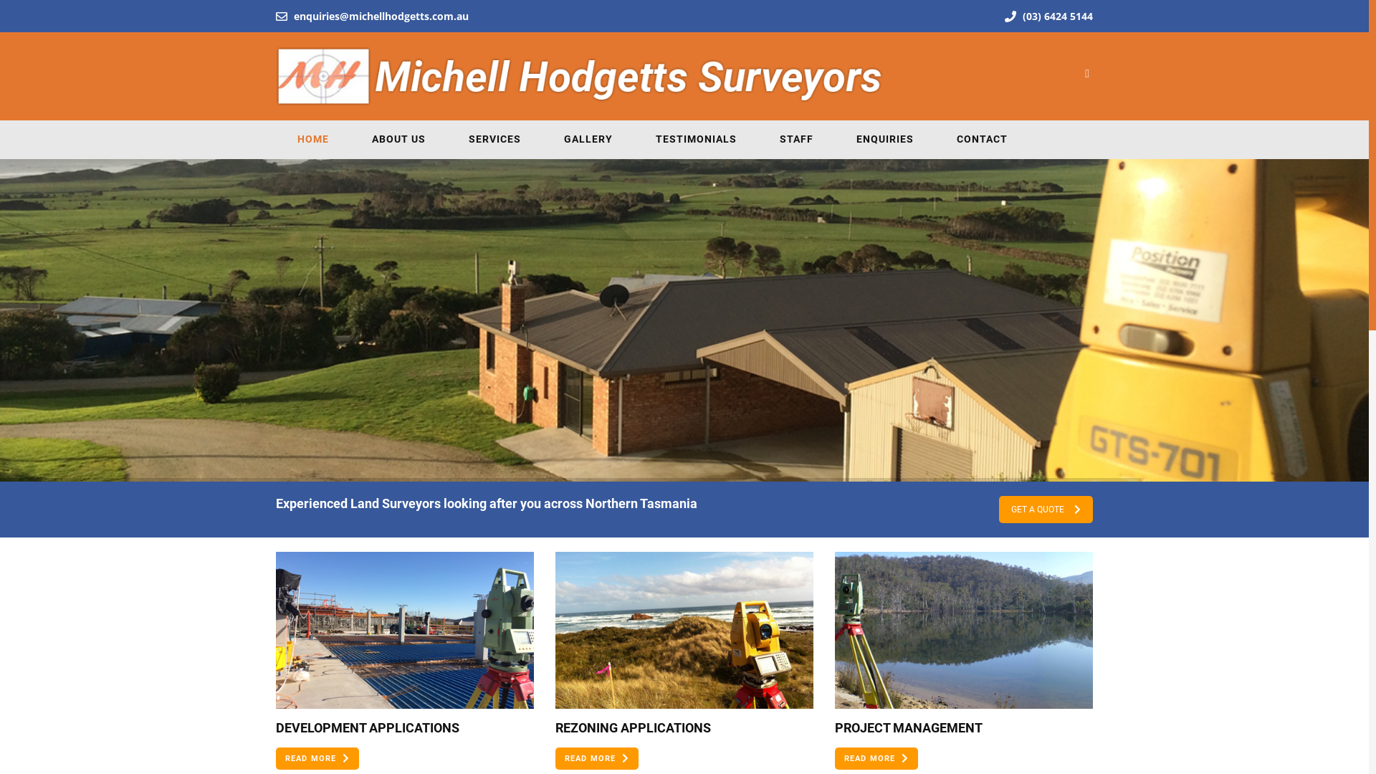  Describe the element at coordinates (963, 629) in the screenshot. I see `'100'` at that location.